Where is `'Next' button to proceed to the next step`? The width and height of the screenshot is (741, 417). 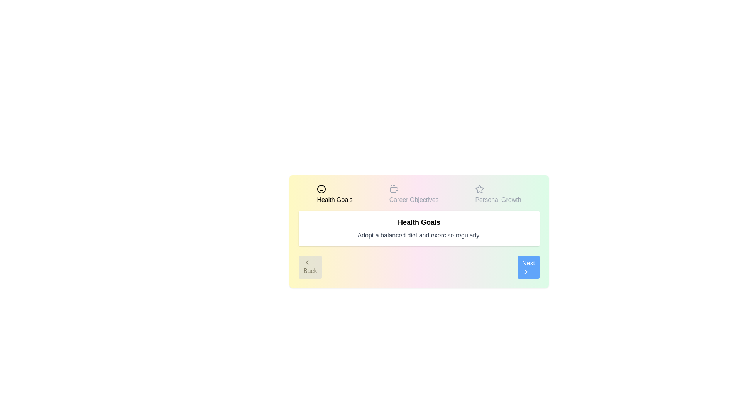 'Next' button to proceed to the next step is located at coordinates (528, 266).